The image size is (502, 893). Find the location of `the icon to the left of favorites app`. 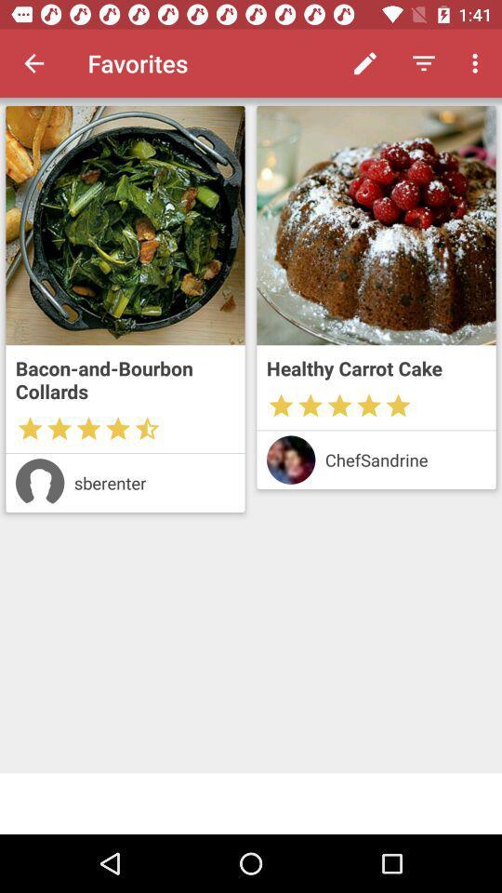

the icon to the left of favorites app is located at coordinates (33, 63).